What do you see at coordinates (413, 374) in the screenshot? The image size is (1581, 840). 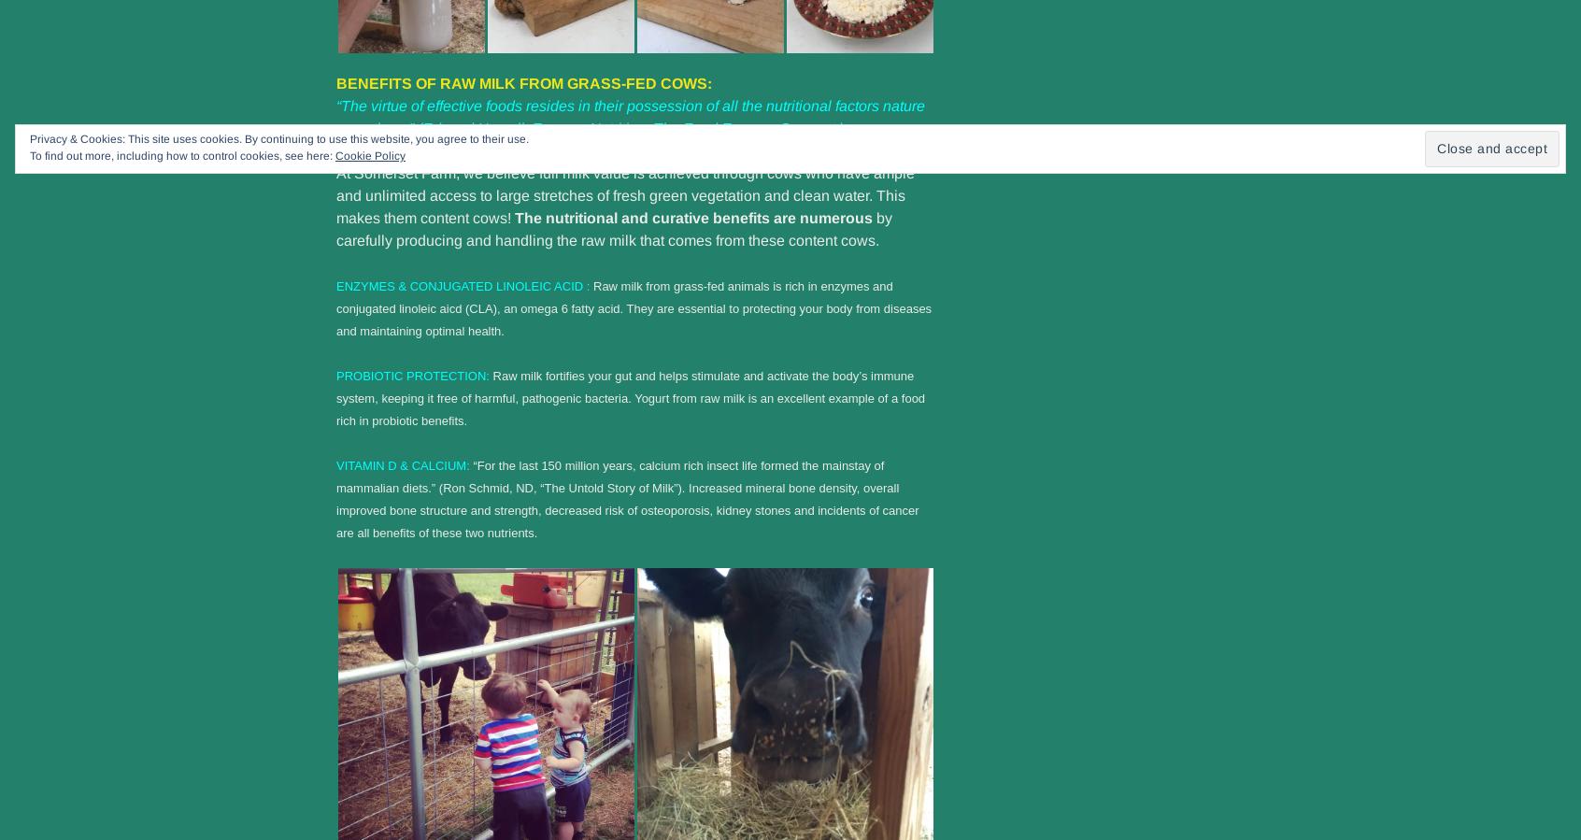 I see `'PROBIOTIC PROTECTION:'` at bounding box center [413, 374].